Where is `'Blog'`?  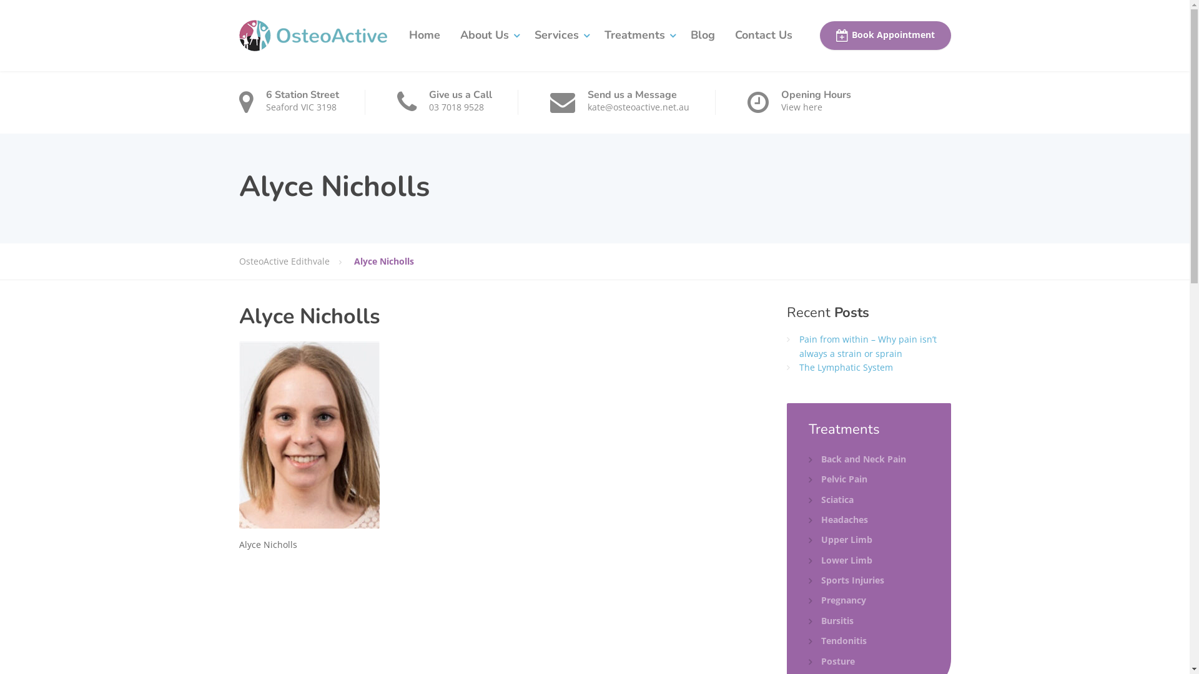
'Blog' is located at coordinates (703, 35).